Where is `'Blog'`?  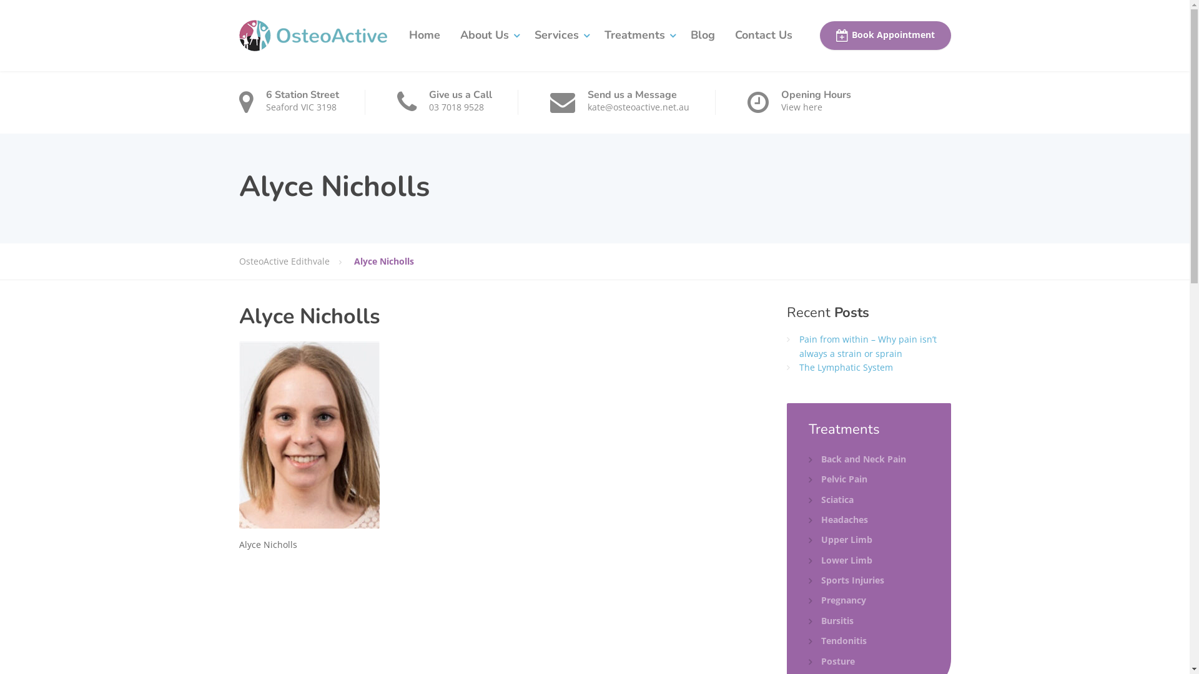
'Blog' is located at coordinates (703, 35).